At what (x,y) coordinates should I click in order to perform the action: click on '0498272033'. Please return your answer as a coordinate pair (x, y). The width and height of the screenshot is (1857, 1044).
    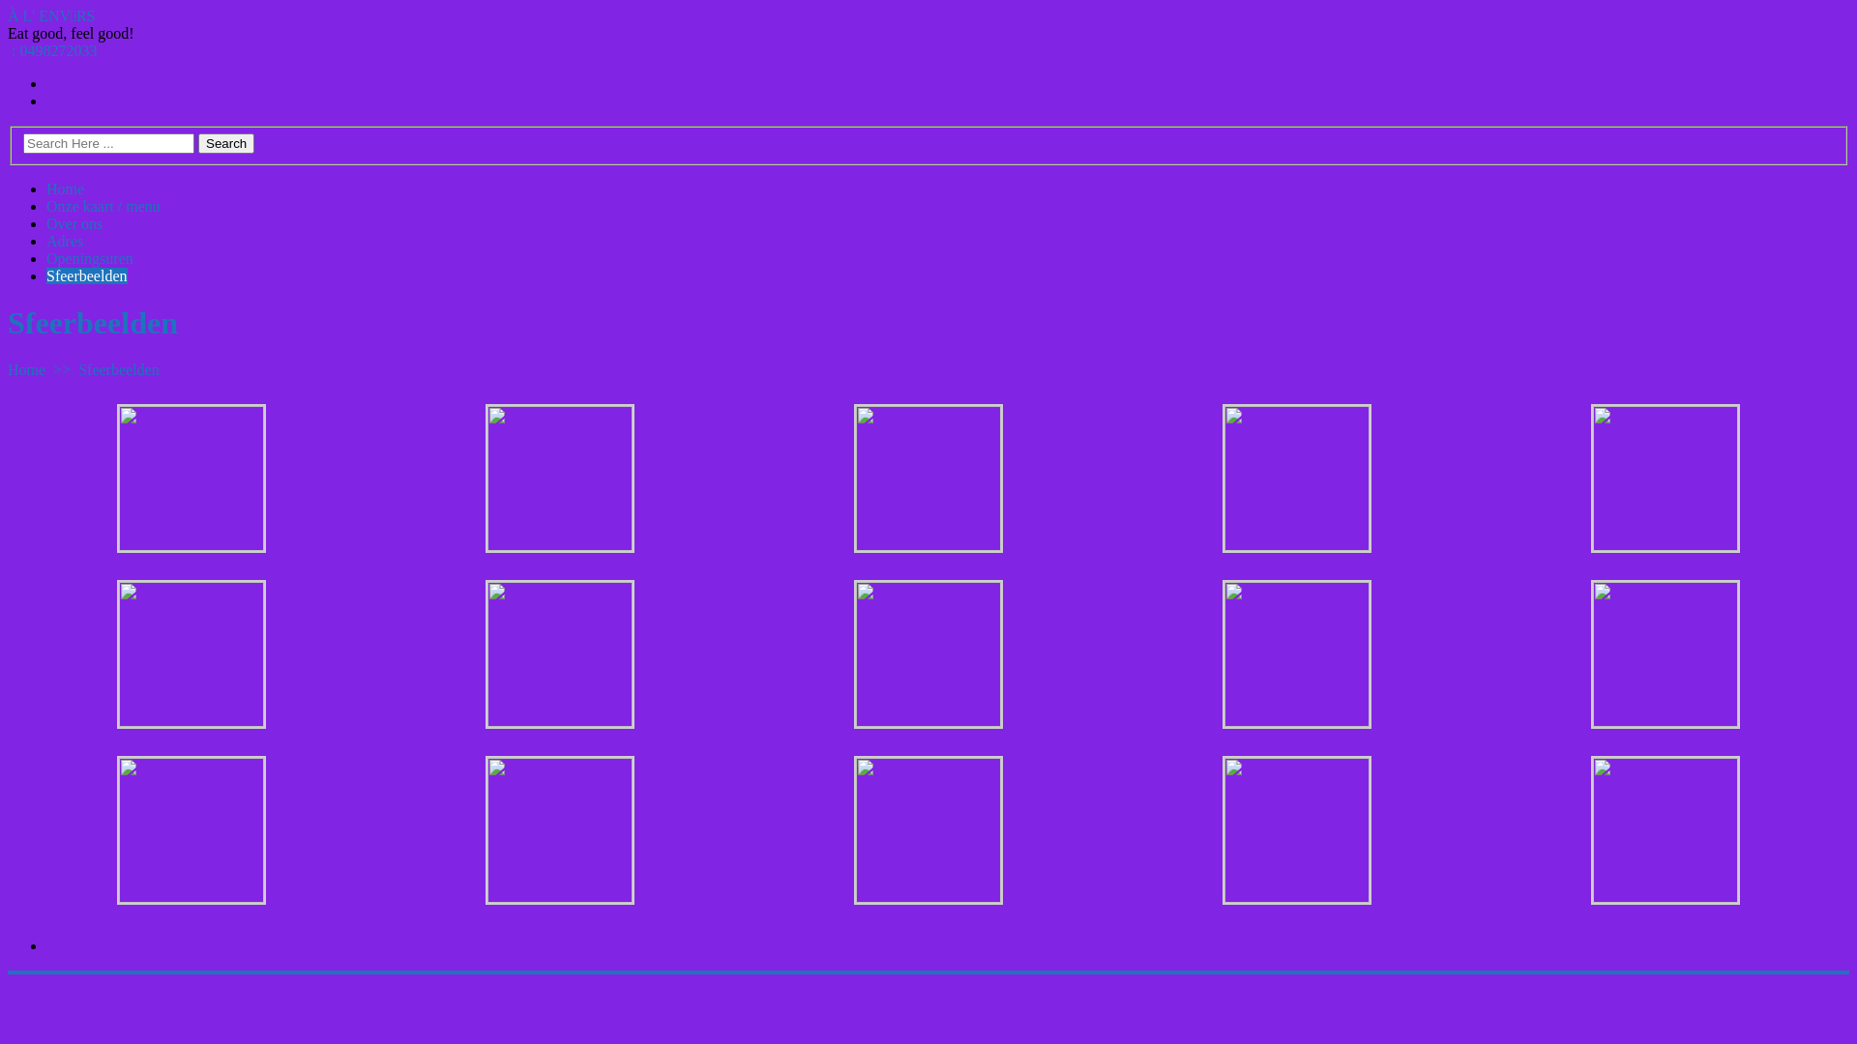
    Looking at the image, I should click on (57, 49).